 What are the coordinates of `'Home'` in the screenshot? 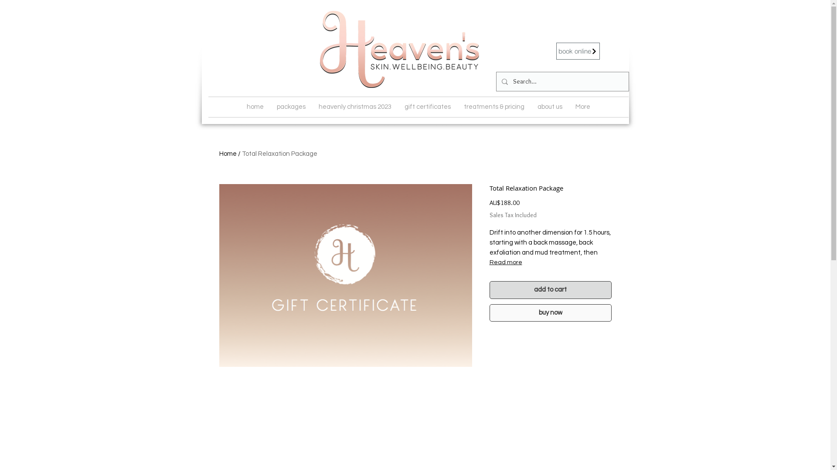 It's located at (228, 153).